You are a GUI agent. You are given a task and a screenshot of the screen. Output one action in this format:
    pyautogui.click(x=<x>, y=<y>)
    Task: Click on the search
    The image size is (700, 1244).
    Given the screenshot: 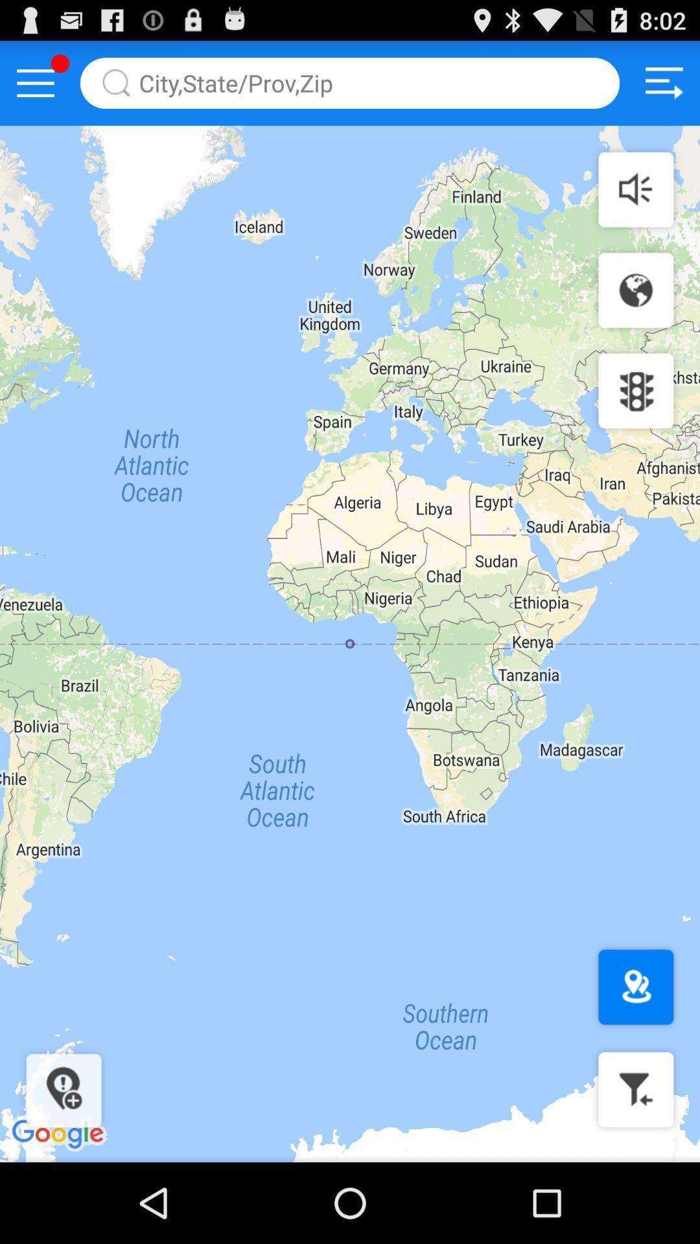 What is the action you would take?
    pyautogui.click(x=350, y=82)
    